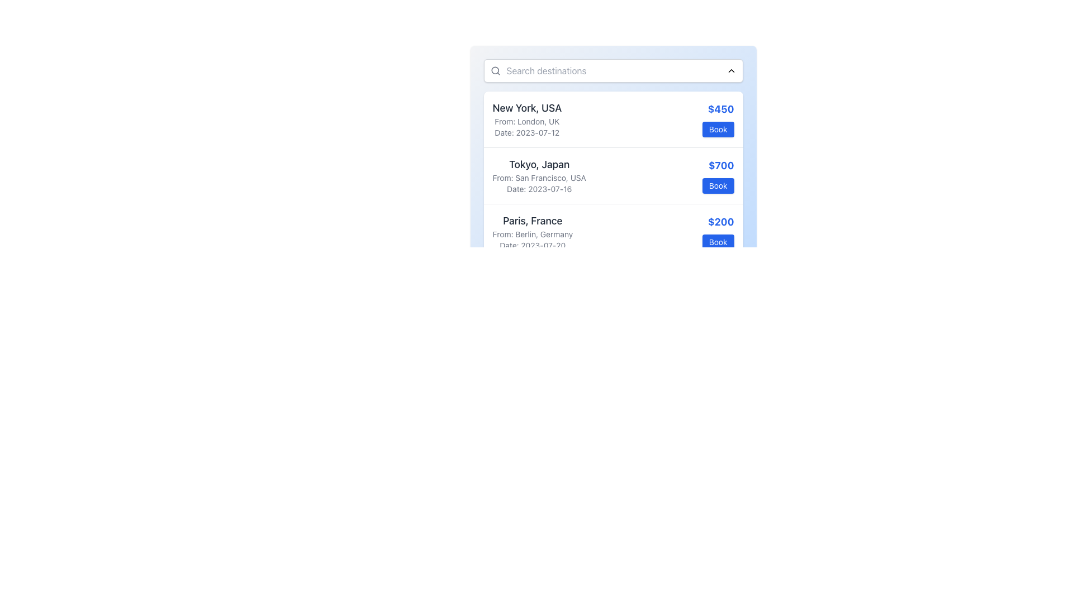  Describe the element at coordinates (718, 222) in the screenshot. I see `the text display showing the price '$200' for the travel destination 'Paris, France'` at that location.